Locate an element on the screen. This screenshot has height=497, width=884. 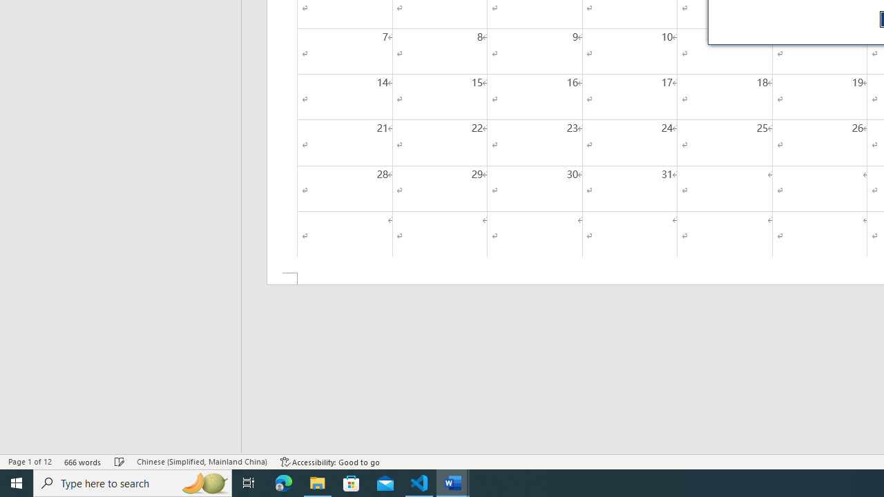
'Start' is located at coordinates (17, 482).